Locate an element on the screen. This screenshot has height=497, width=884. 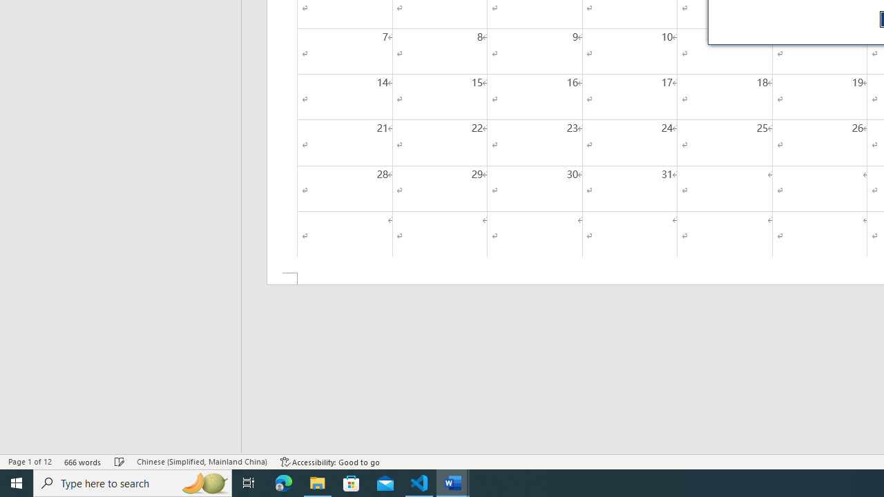
'Start' is located at coordinates (17, 482).